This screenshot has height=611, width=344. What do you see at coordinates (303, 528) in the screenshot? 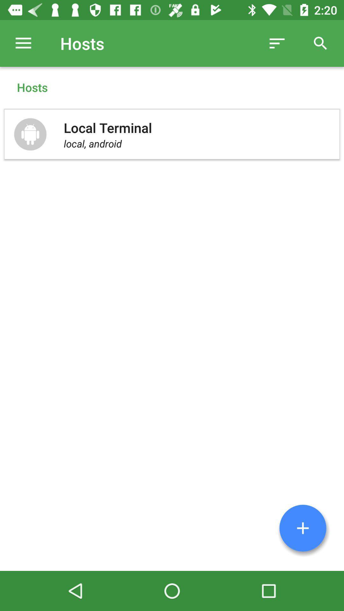
I see `icon below local, android` at bounding box center [303, 528].